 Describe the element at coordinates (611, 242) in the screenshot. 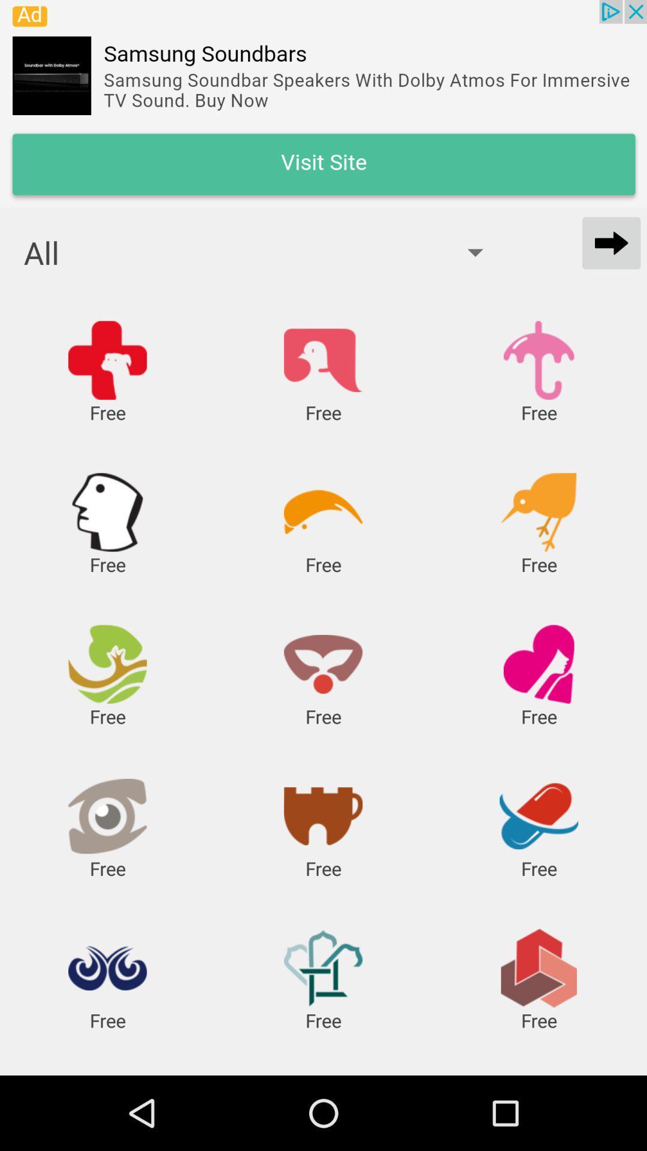

I see `the arrow_forward icon` at that location.